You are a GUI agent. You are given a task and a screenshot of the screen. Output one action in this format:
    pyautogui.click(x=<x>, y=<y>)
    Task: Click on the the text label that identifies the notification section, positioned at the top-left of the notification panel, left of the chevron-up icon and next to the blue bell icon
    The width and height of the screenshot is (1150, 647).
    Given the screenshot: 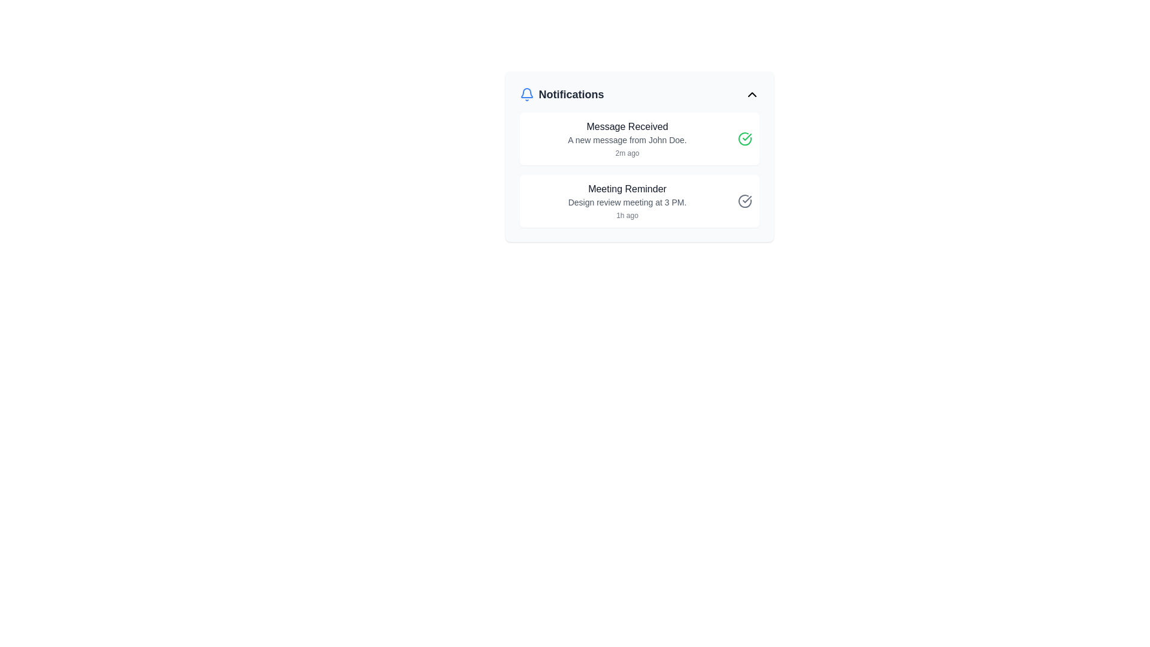 What is the action you would take?
    pyautogui.click(x=561, y=94)
    